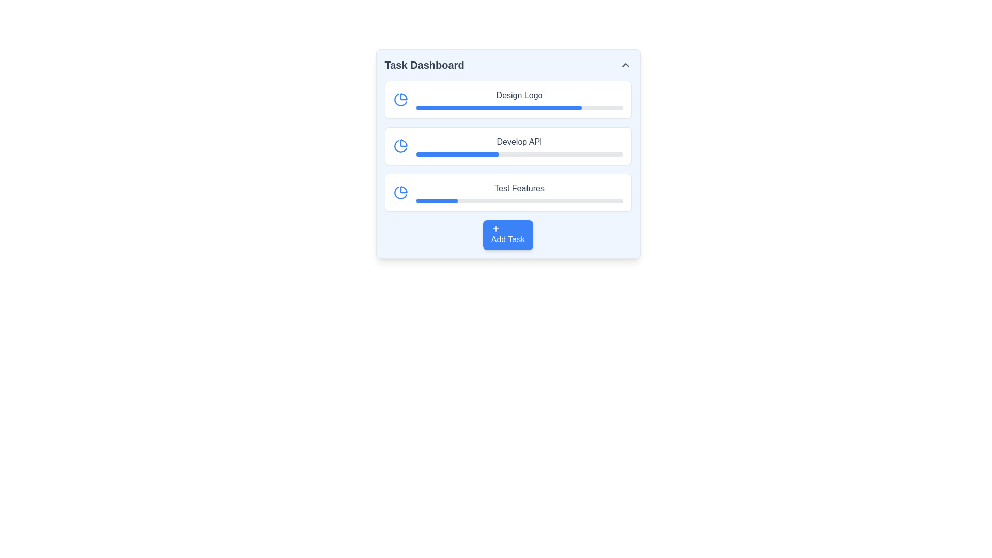 Image resolution: width=992 pixels, height=558 pixels. I want to click on the third horizontal progress bar located below the 'Test Features' text label in the 'Task Dashboard' section, so click(519, 201).